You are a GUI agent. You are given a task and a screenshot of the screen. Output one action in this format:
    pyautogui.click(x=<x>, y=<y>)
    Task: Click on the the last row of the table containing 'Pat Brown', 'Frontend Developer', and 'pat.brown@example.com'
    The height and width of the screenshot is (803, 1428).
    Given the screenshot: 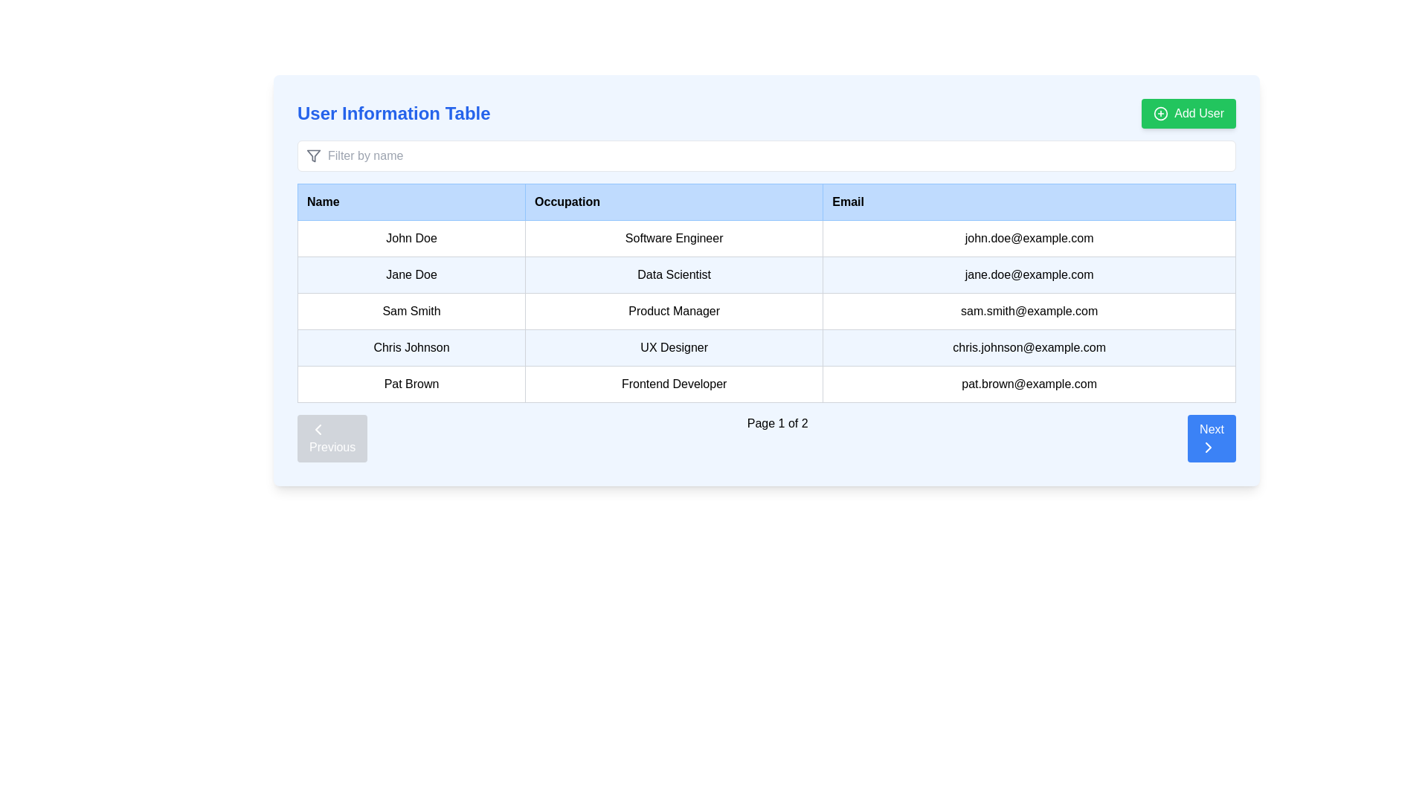 What is the action you would take?
    pyautogui.click(x=767, y=383)
    